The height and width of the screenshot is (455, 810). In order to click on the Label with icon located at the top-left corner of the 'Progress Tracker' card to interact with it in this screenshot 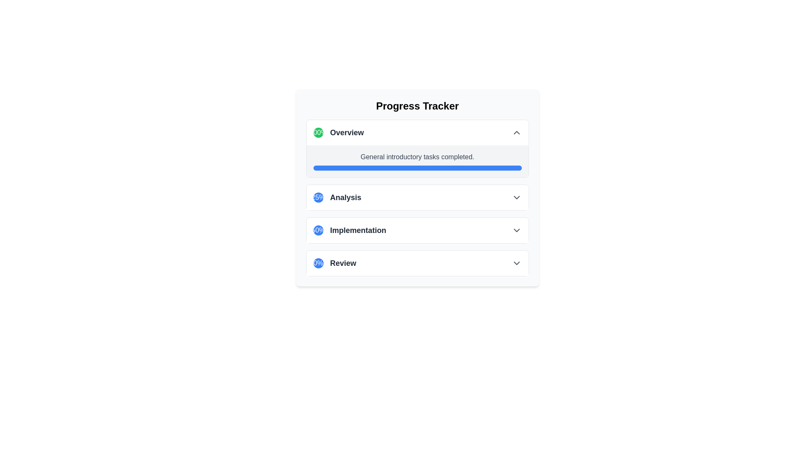, I will do `click(338, 133)`.